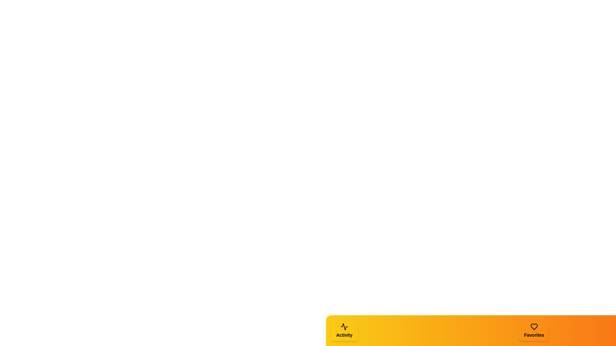  What do you see at coordinates (344, 331) in the screenshot?
I see `the Activity tab to activate it and observe the visual changes` at bounding box center [344, 331].